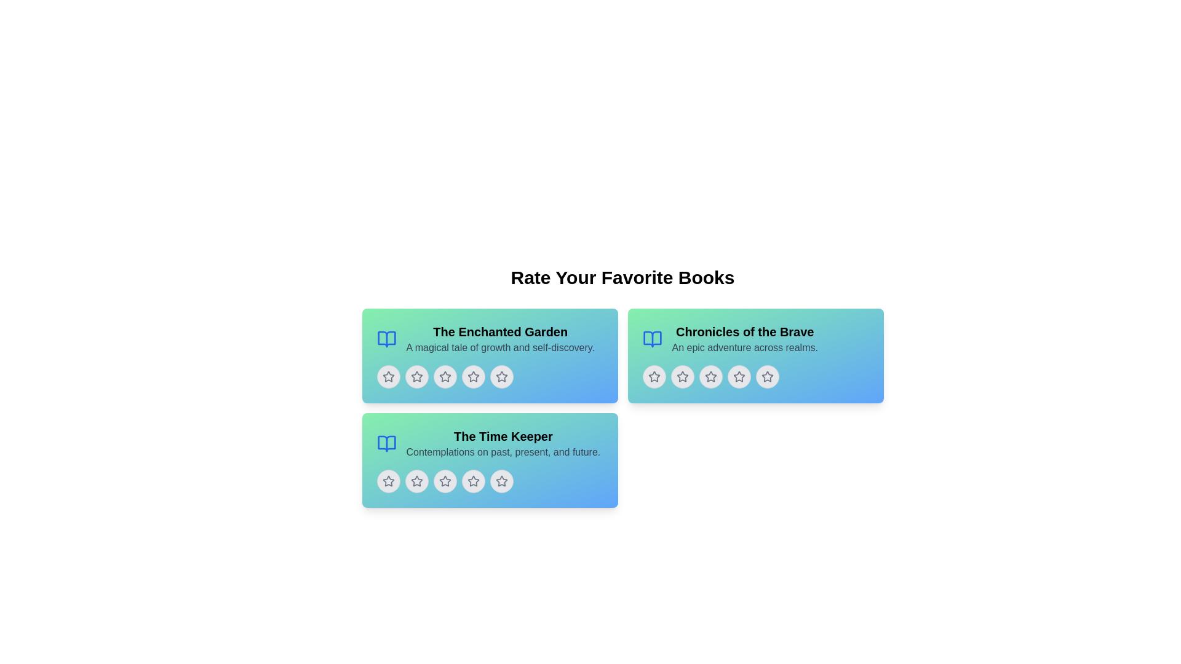  Describe the element at coordinates (472, 480) in the screenshot. I see `the fourth star outline icon in the book-rating interface for a visual effect` at that location.